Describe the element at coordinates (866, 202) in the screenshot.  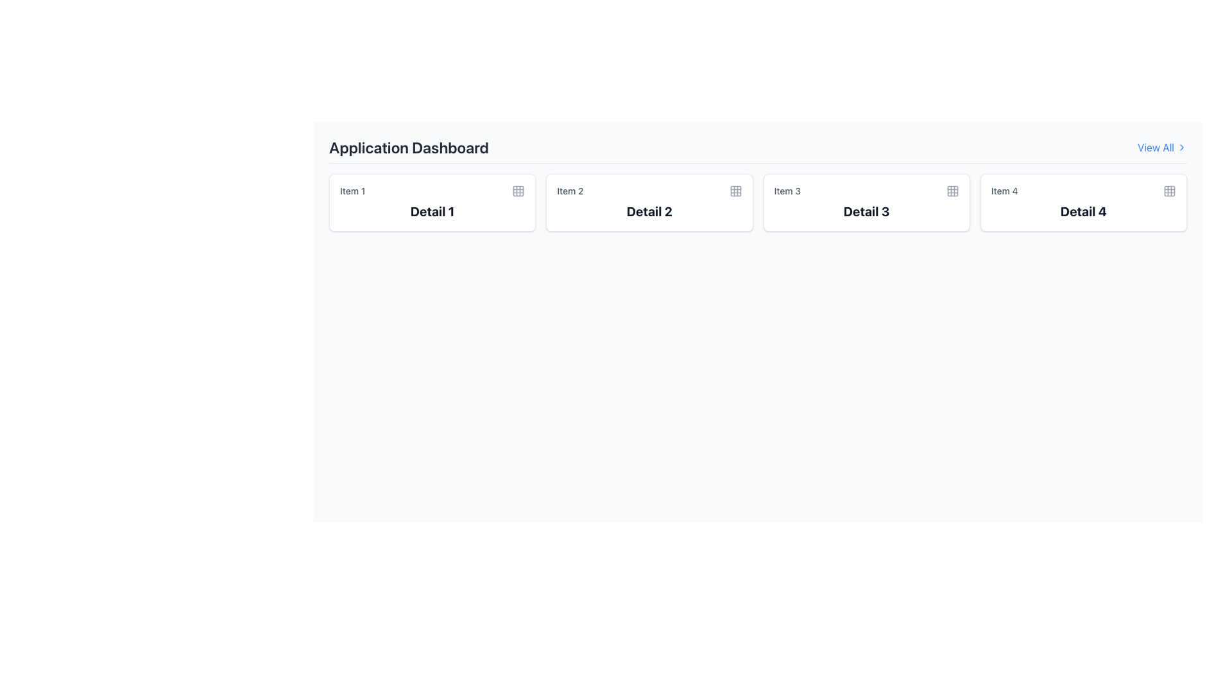
I see `the Display Card element containing 'Item 3' and 'Detail 3' with a grid icon at the top right` at that location.